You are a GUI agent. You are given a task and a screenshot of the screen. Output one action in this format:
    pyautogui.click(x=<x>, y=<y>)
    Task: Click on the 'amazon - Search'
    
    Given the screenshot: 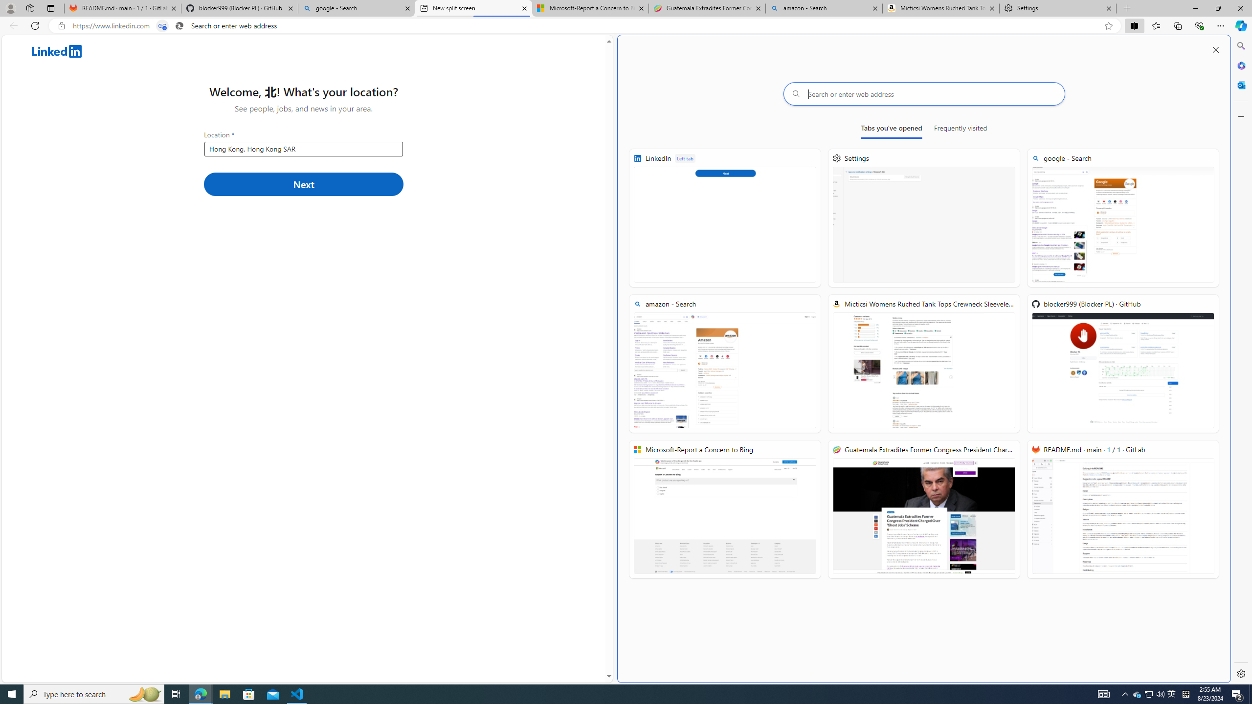 What is the action you would take?
    pyautogui.click(x=823, y=8)
    